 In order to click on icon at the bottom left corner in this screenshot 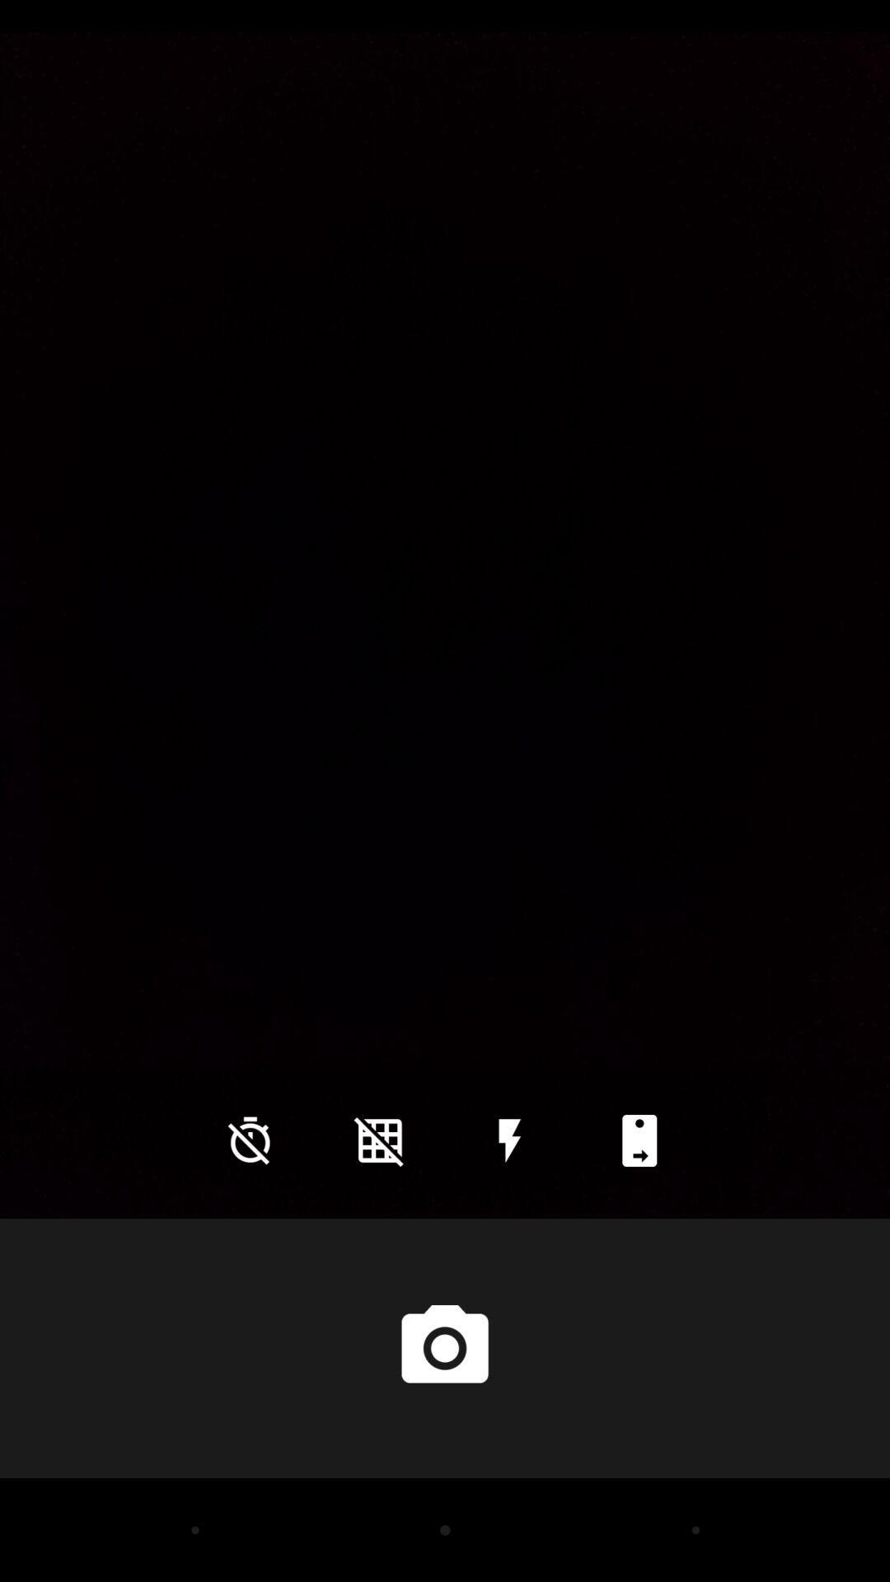, I will do `click(250, 1140)`.